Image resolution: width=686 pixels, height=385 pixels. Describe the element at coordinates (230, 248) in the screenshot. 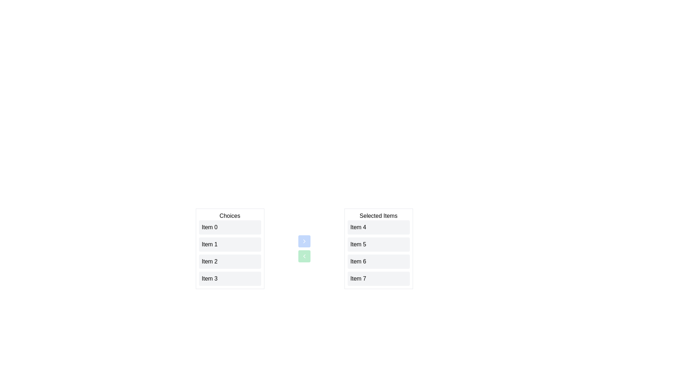

I see `the second list item labeled 'Item 1' within the 'Choices' section, which has a light gray background and rounded edges` at that location.